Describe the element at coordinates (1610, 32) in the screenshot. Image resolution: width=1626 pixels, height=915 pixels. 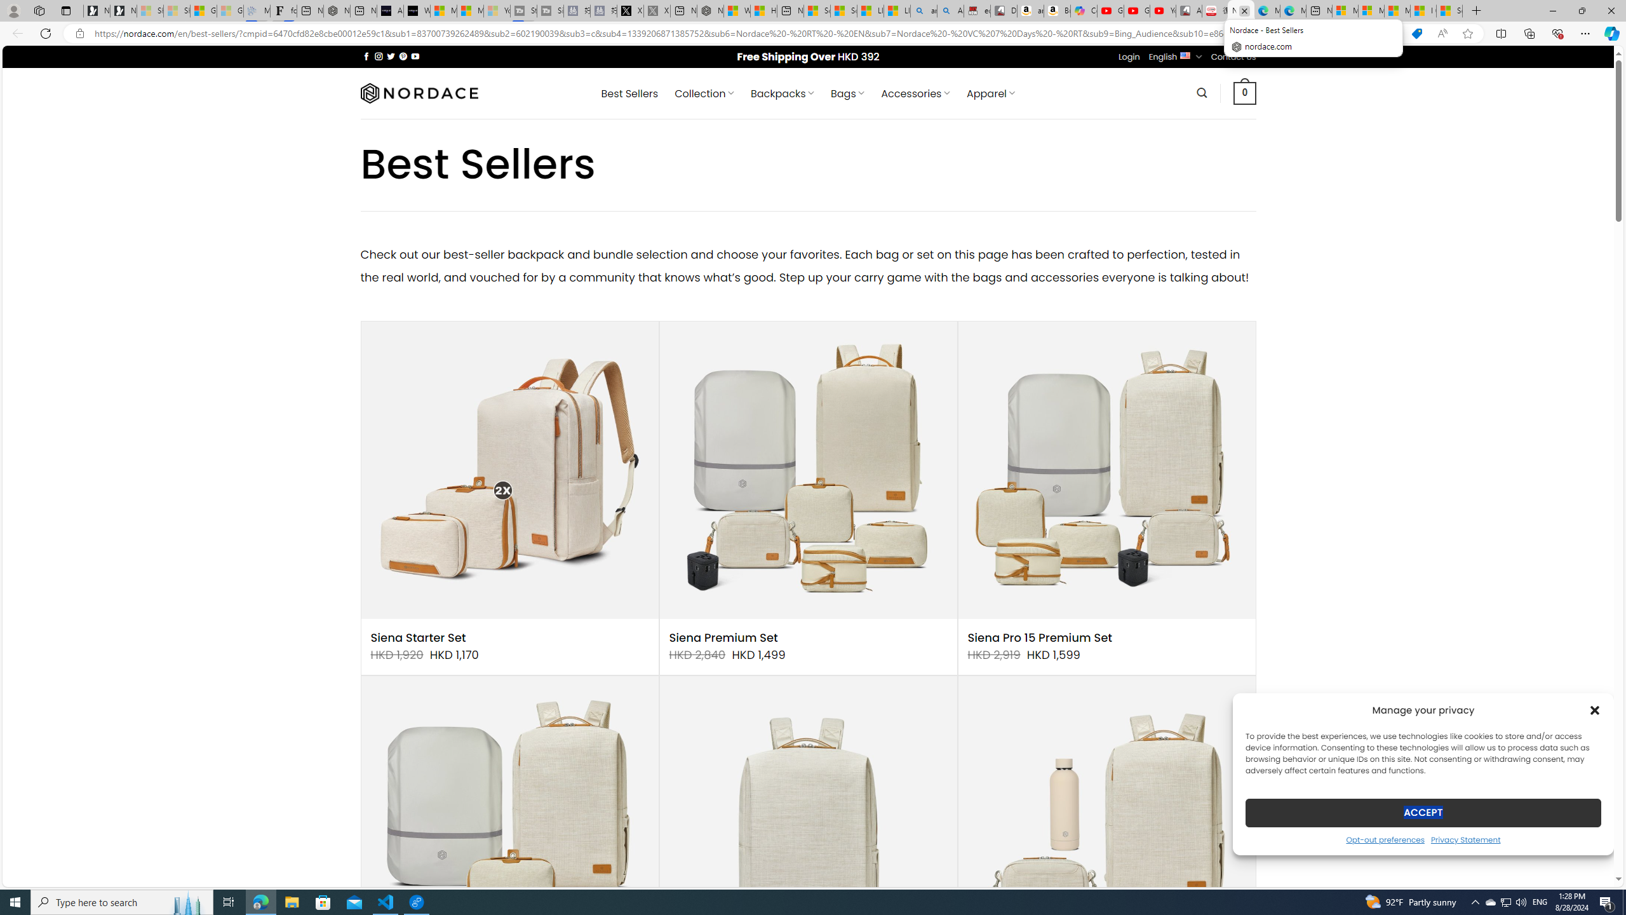
I see `'Copilot (Ctrl+Shift+.)'` at that location.